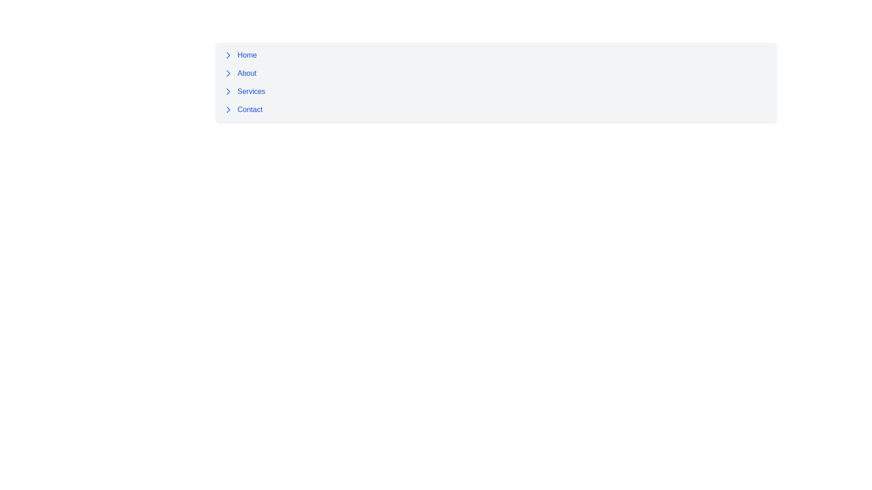 This screenshot has width=872, height=490. Describe the element at coordinates (228, 109) in the screenshot. I see `the fourth right-facing chevron icon in the vertical menu list next to the 'Contact' text label` at that location.